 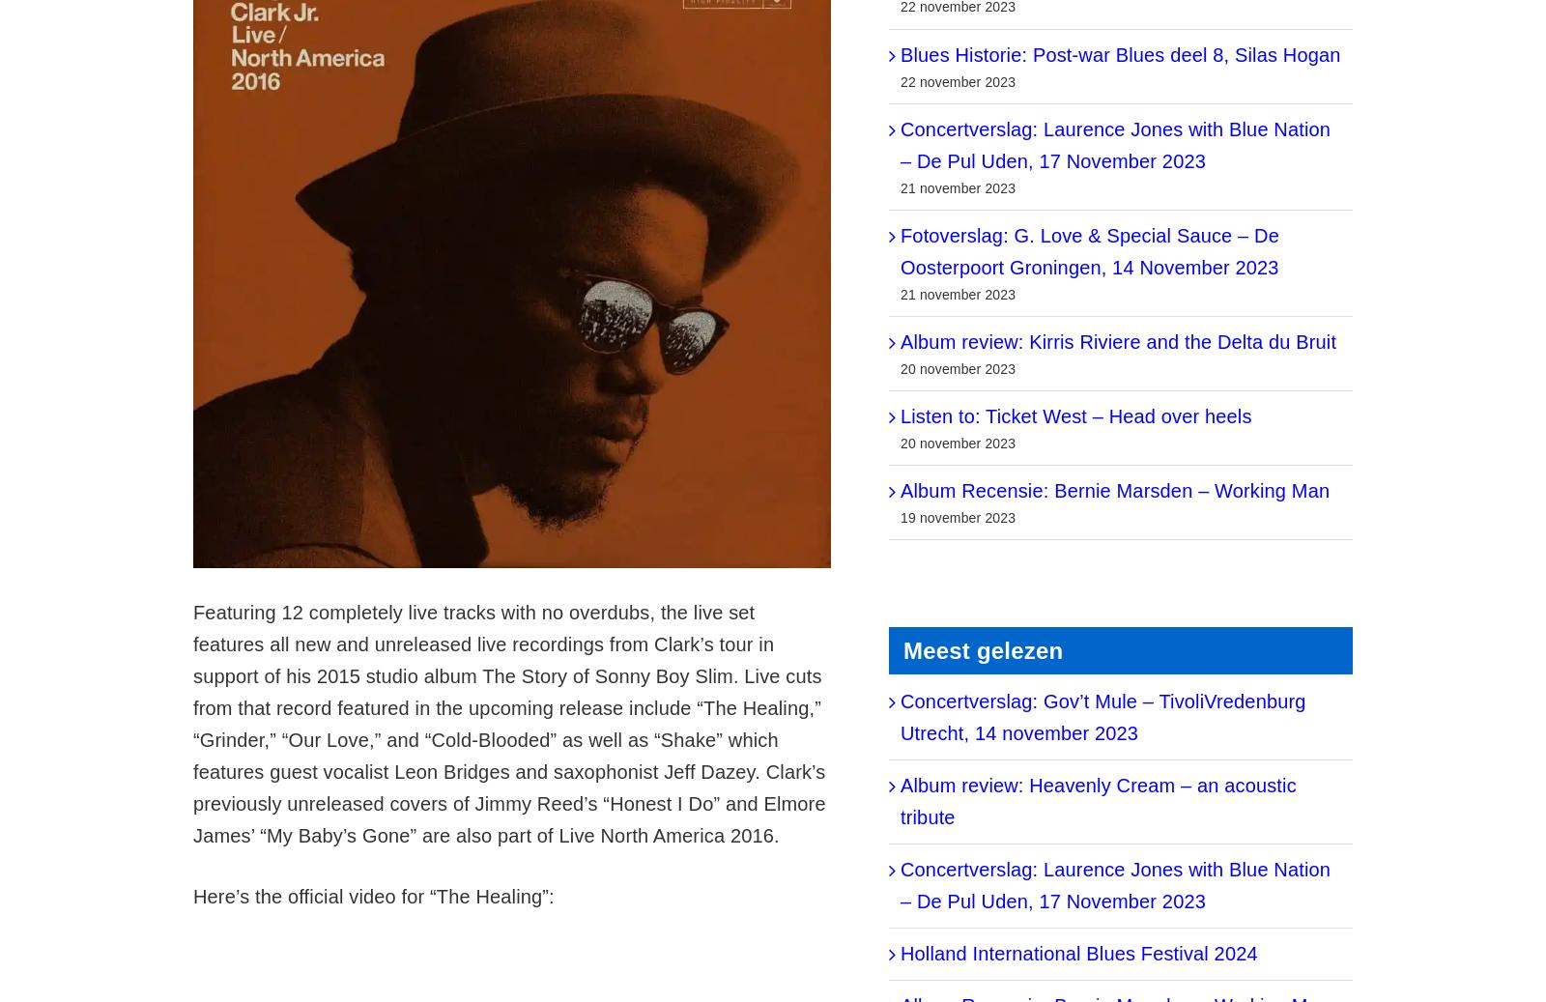 I want to click on 'Listen to: Ticket West – Head over heels', so click(x=1075, y=415).